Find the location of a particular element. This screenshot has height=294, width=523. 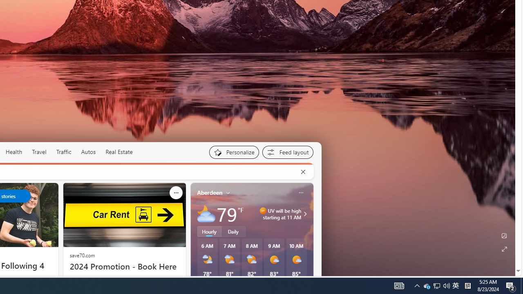

'Feed settings' is located at coordinates (288, 152).